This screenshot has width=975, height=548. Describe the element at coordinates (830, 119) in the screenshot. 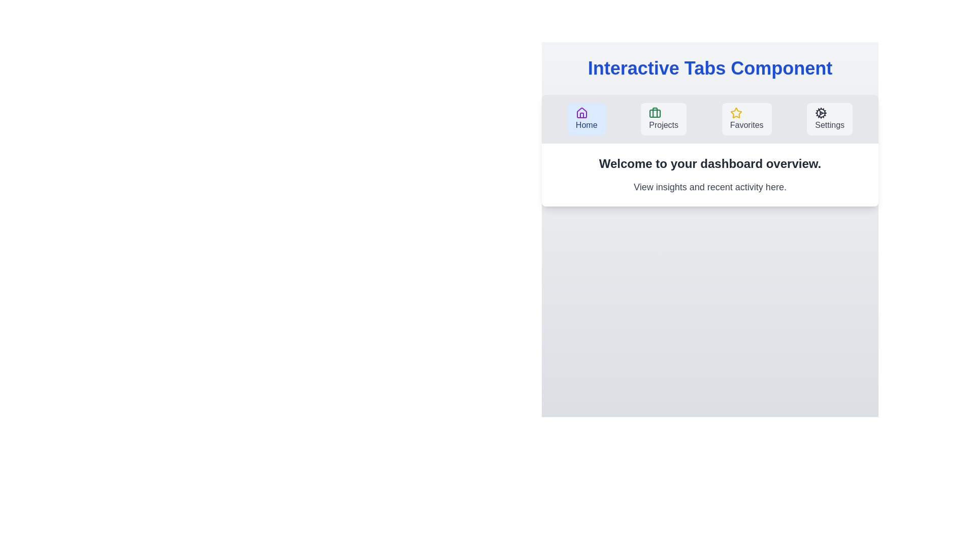

I see `the Settings tab to activate it` at that location.